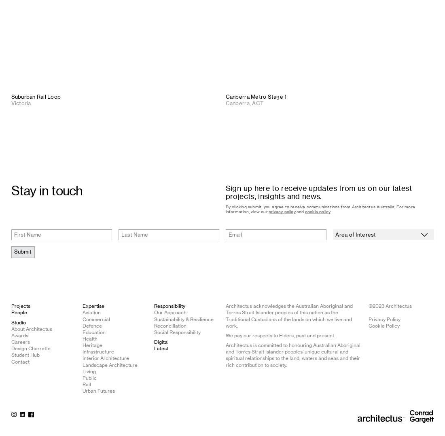 The image size is (445, 436). Describe the element at coordinates (317, 212) in the screenshot. I see `'cookie policy'` at that location.